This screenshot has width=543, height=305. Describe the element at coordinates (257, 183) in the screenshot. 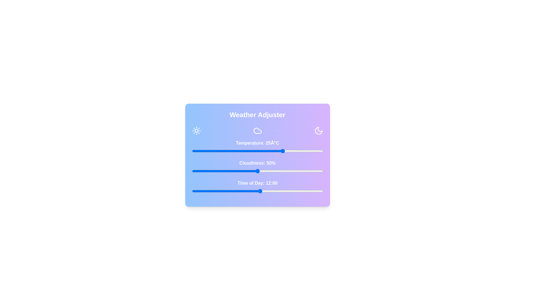

I see `the text label that indicates the current setting (12:00) of the associated slider control, located in the bottom section of the interface` at that location.